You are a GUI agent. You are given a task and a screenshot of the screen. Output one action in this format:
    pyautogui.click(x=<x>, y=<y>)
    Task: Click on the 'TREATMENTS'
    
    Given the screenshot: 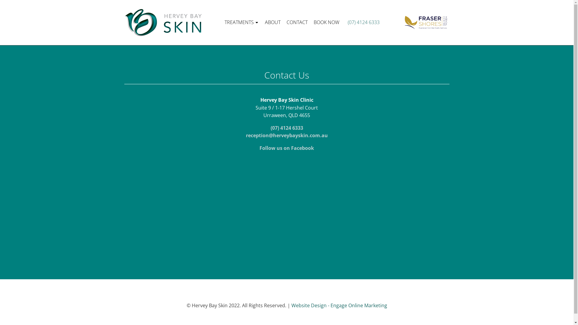 What is the action you would take?
    pyautogui.click(x=241, y=22)
    